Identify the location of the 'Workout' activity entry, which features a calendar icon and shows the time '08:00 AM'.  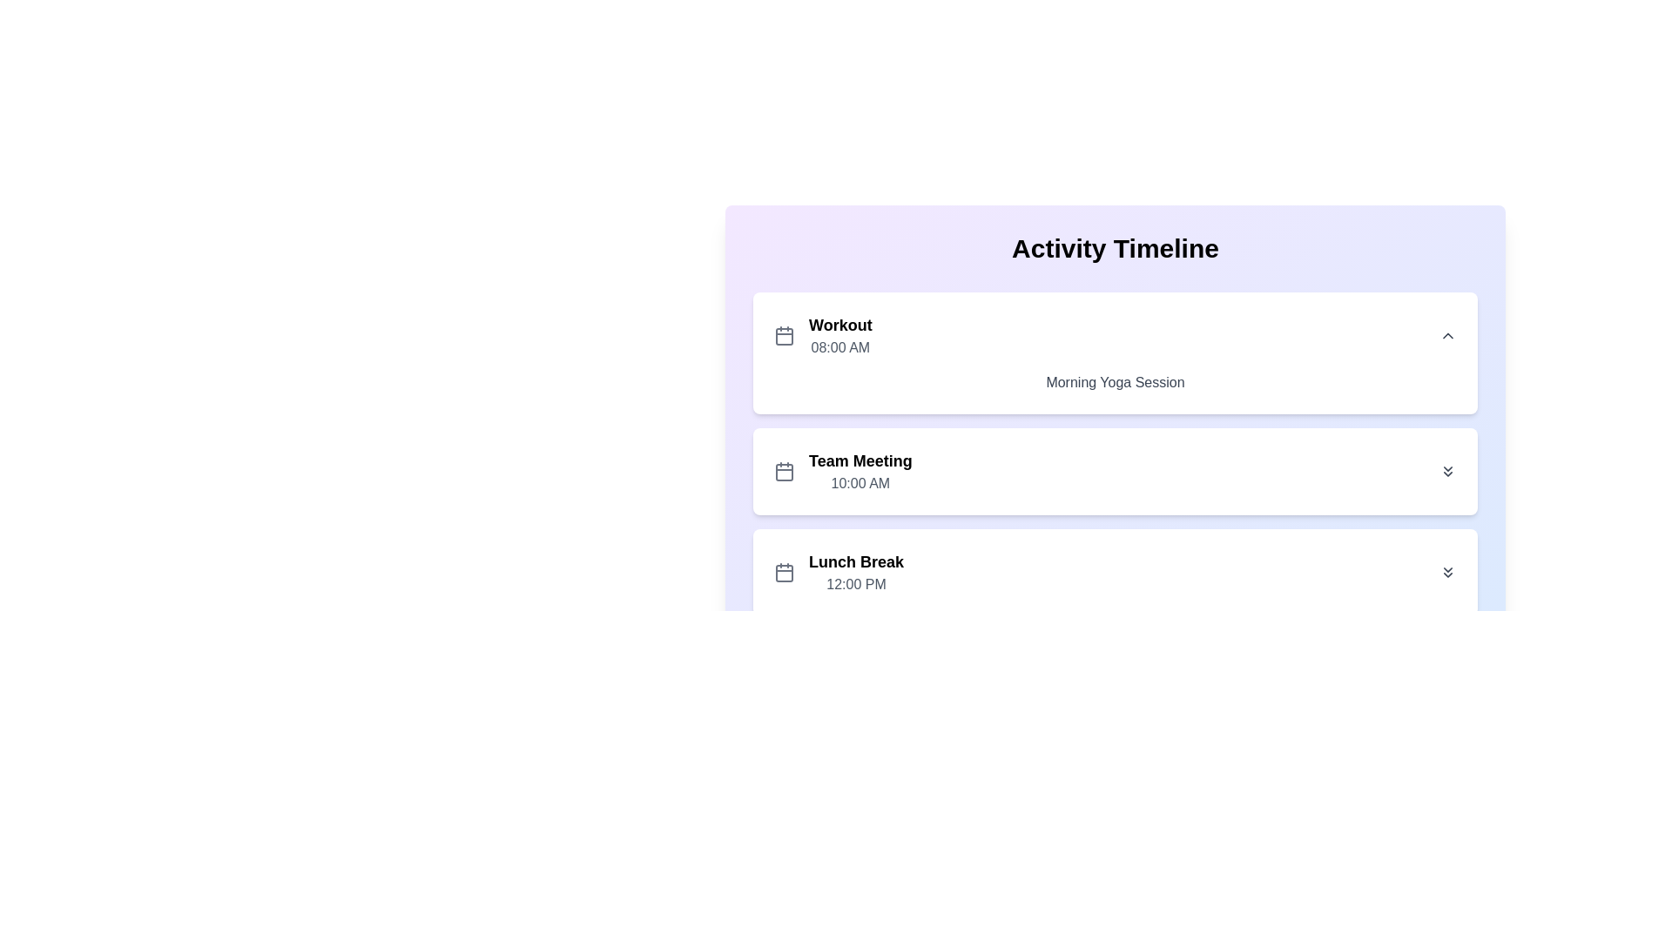
(822, 335).